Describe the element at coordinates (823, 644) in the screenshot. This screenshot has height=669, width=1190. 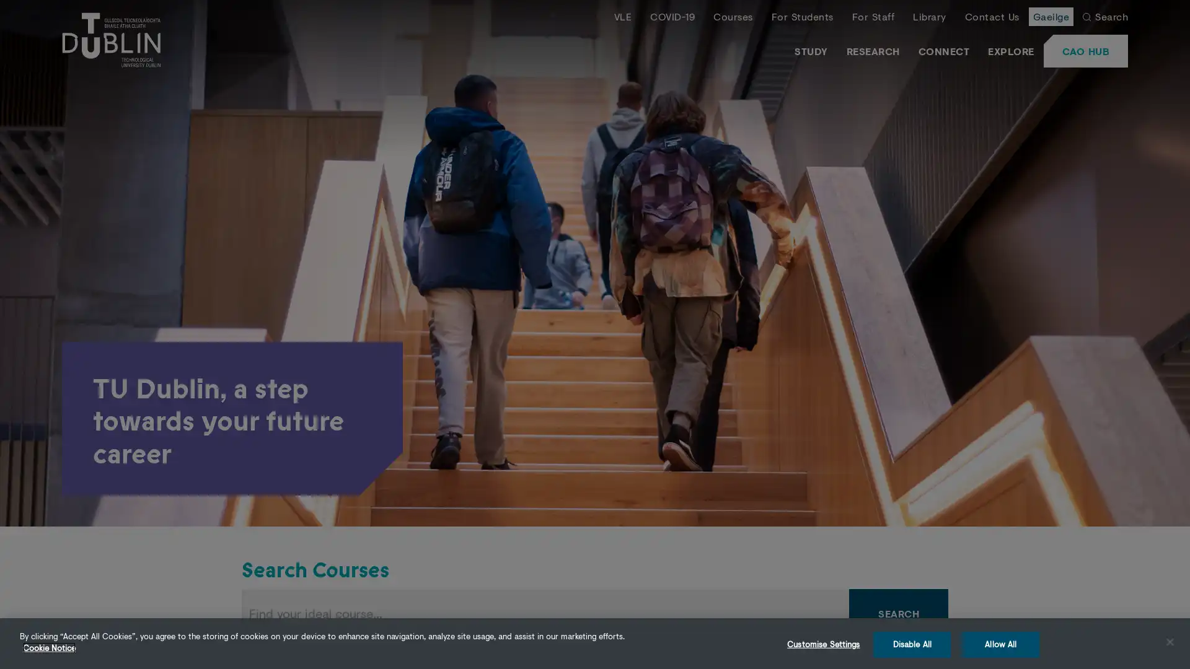
I see `Customise Settings` at that location.